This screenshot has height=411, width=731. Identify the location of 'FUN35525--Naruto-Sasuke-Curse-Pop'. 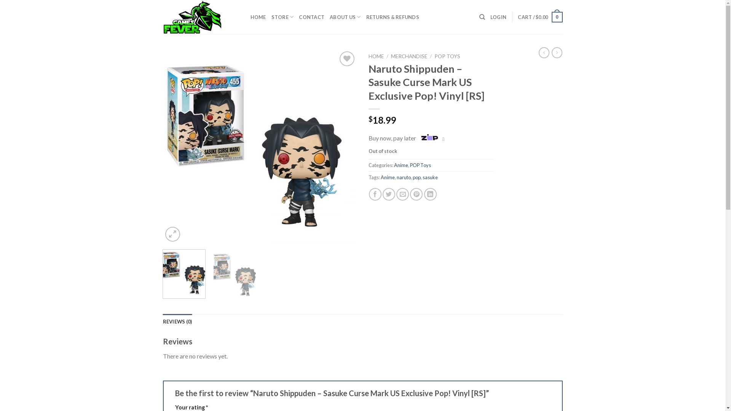
(260, 147).